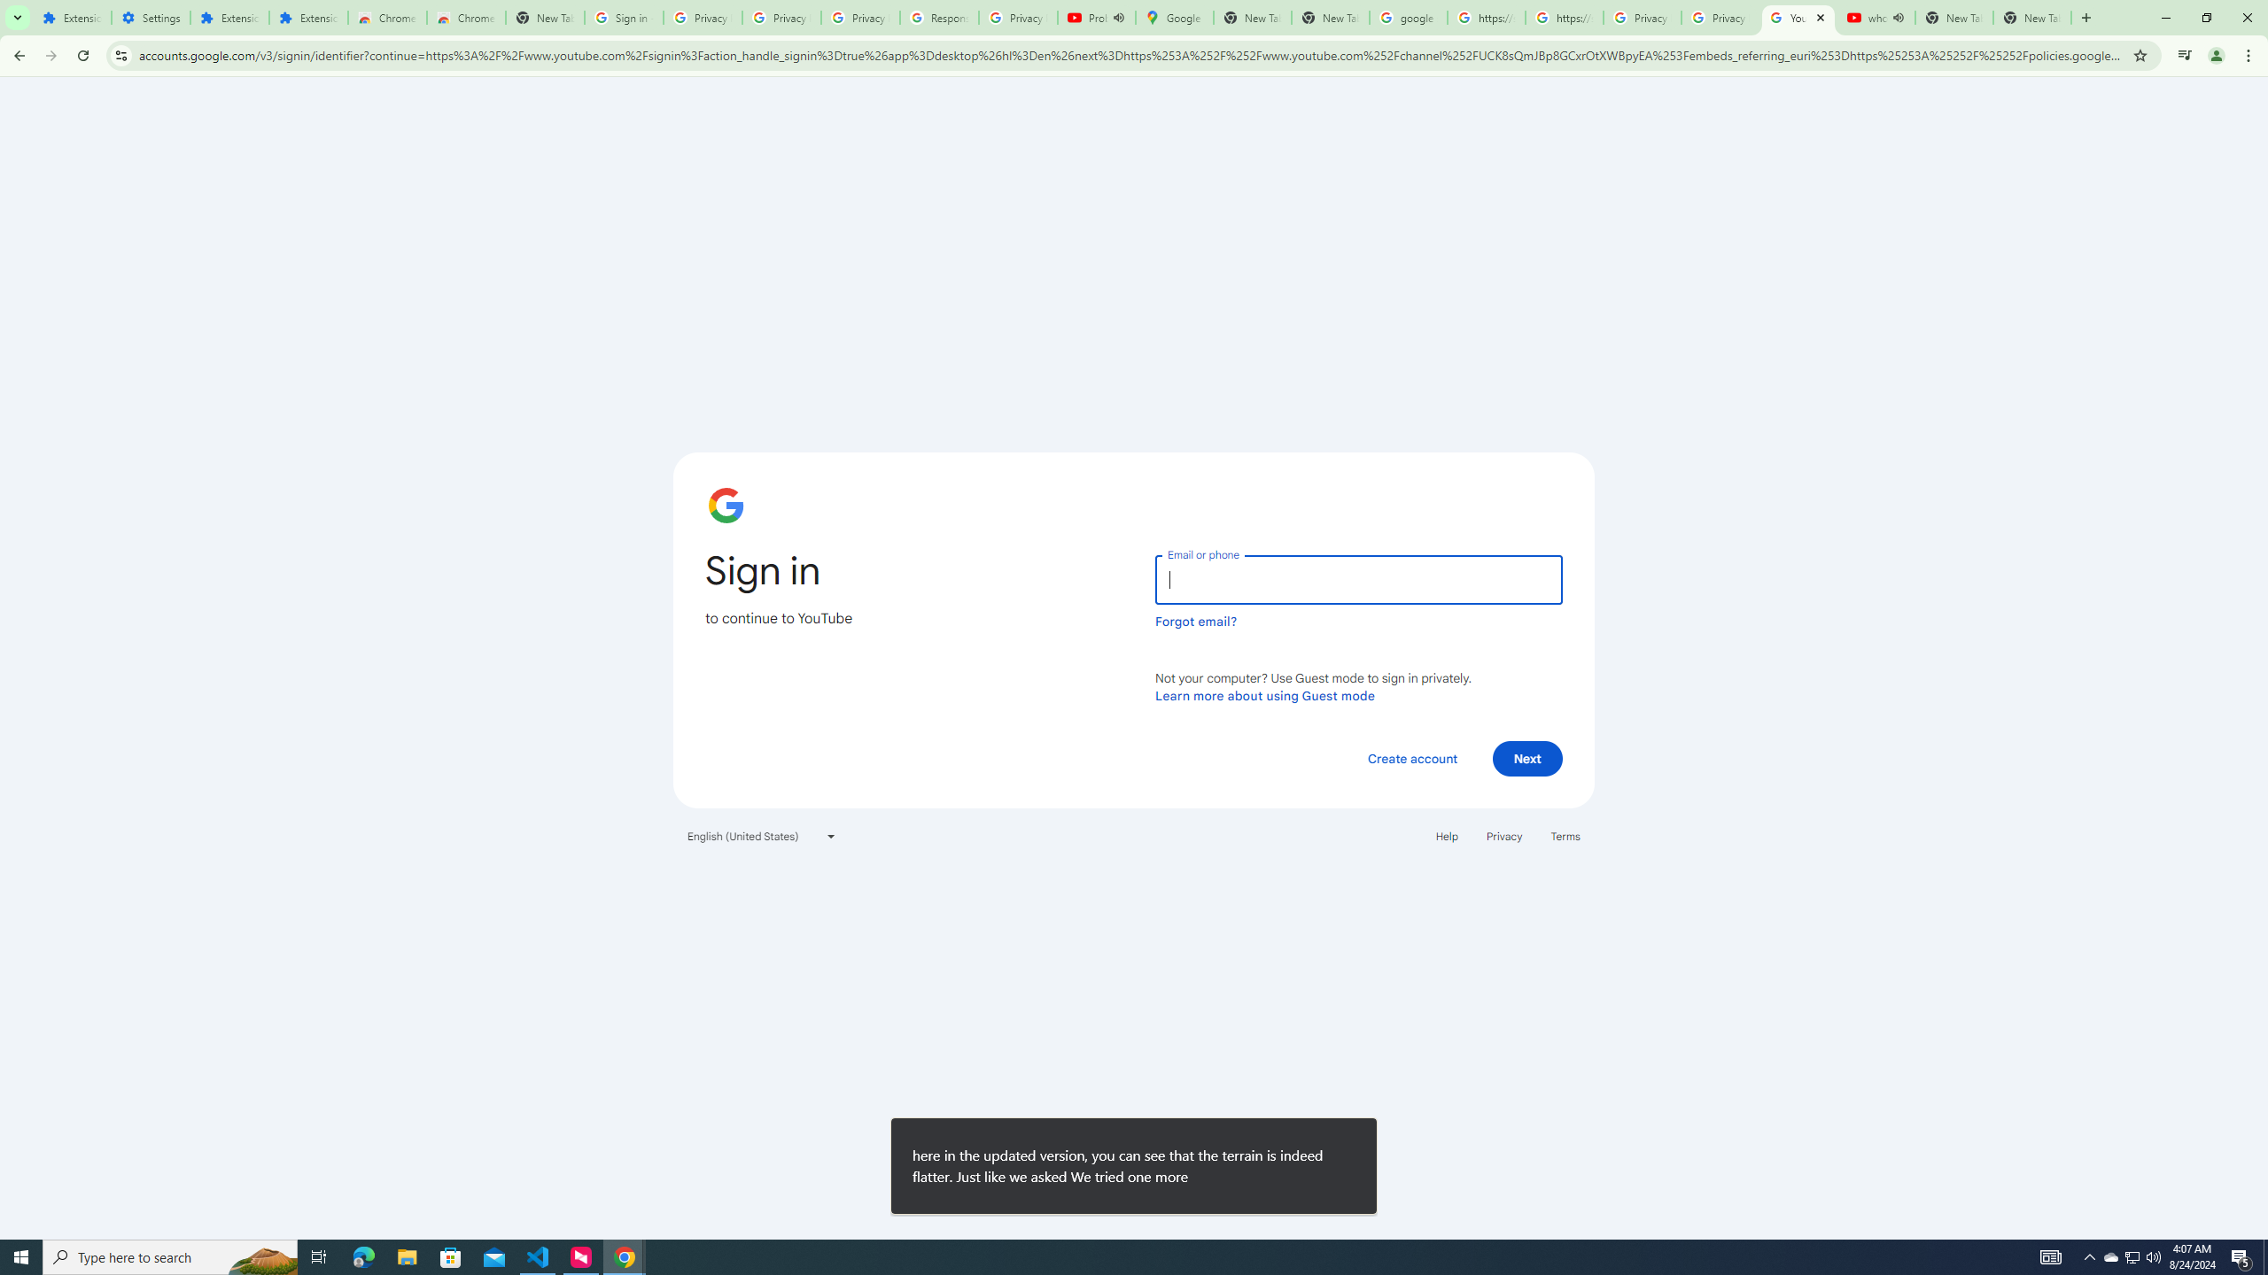  I want to click on 'Settings', so click(151, 17).